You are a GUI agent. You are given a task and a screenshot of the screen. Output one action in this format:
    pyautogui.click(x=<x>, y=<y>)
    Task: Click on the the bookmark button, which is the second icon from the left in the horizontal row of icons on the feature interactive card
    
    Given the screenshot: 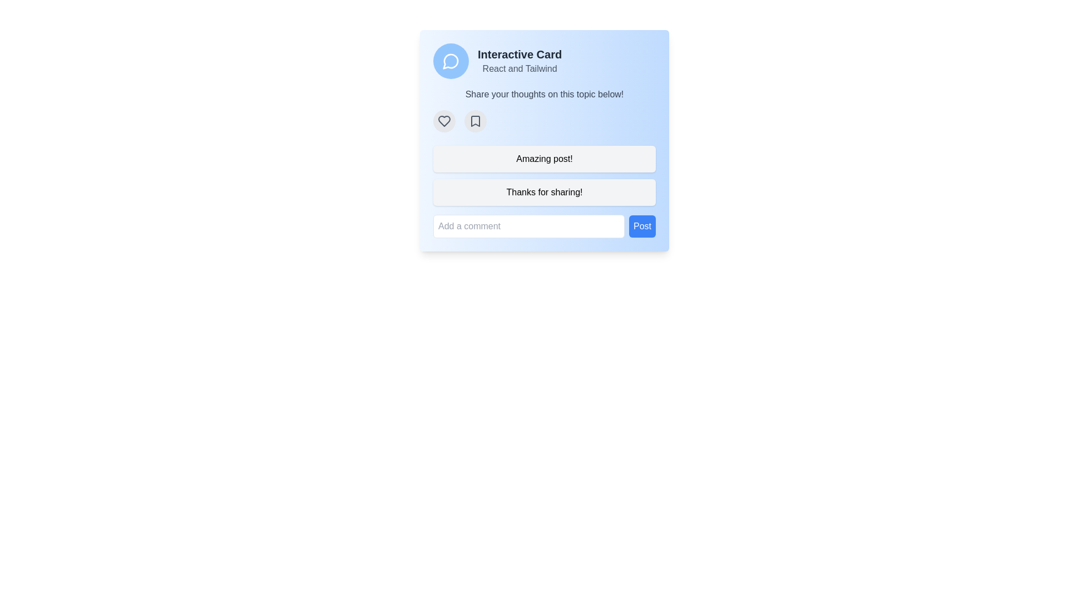 What is the action you would take?
    pyautogui.click(x=475, y=121)
    